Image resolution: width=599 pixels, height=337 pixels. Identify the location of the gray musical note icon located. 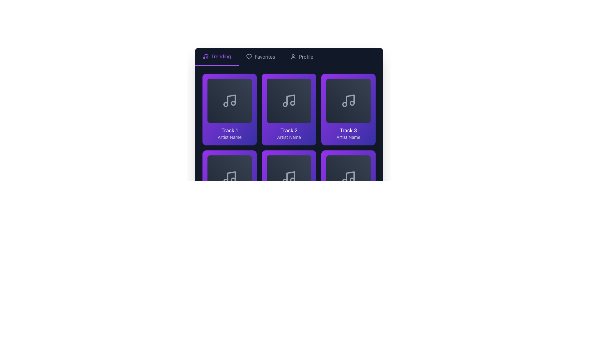
(348, 100).